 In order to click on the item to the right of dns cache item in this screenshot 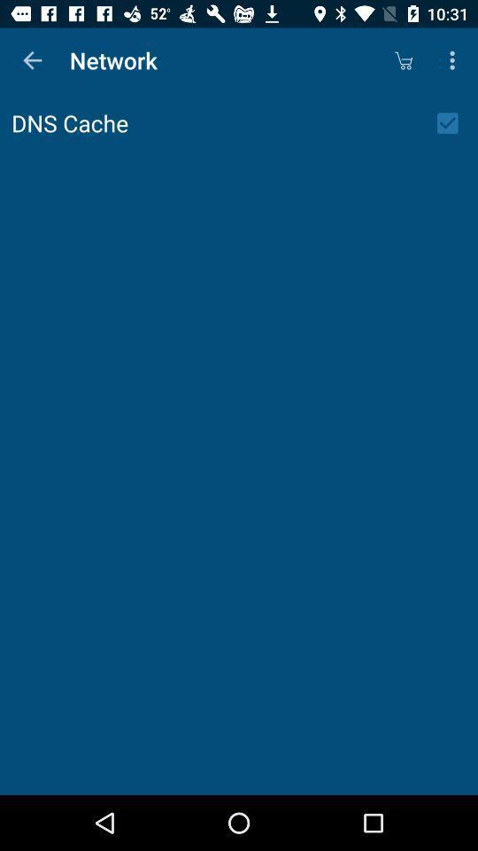, I will do `click(453, 122)`.